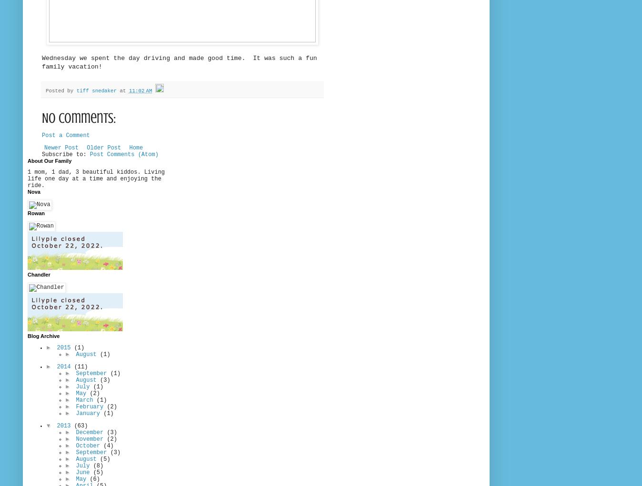 The width and height of the screenshot is (642, 486). I want to click on 'About Our Family', so click(49, 160).